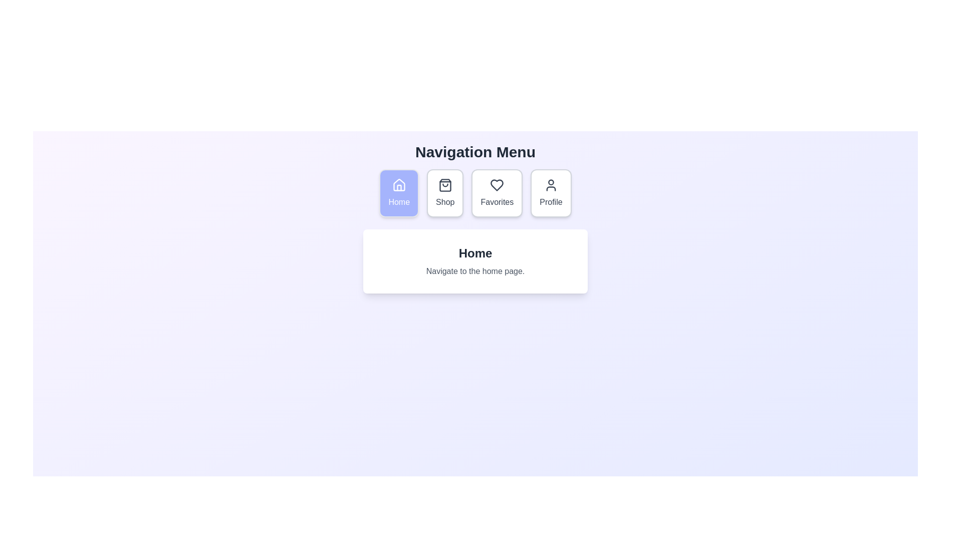 Image resolution: width=962 pixels, height=541 pixels. What do you see at coordinates (444, 202) in the screenshot?
I see `the Text Label that indicates navigation to the shopping section, located below the shopping bag icon and is the second button from the left in a horizontal row of buttons` at bounding box center [444, 202].